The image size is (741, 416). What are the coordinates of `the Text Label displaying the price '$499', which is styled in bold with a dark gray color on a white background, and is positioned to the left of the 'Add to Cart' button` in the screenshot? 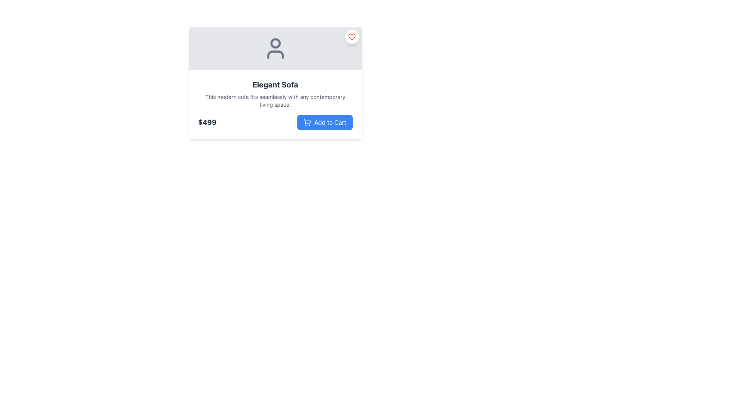 It's located at (207, 122).